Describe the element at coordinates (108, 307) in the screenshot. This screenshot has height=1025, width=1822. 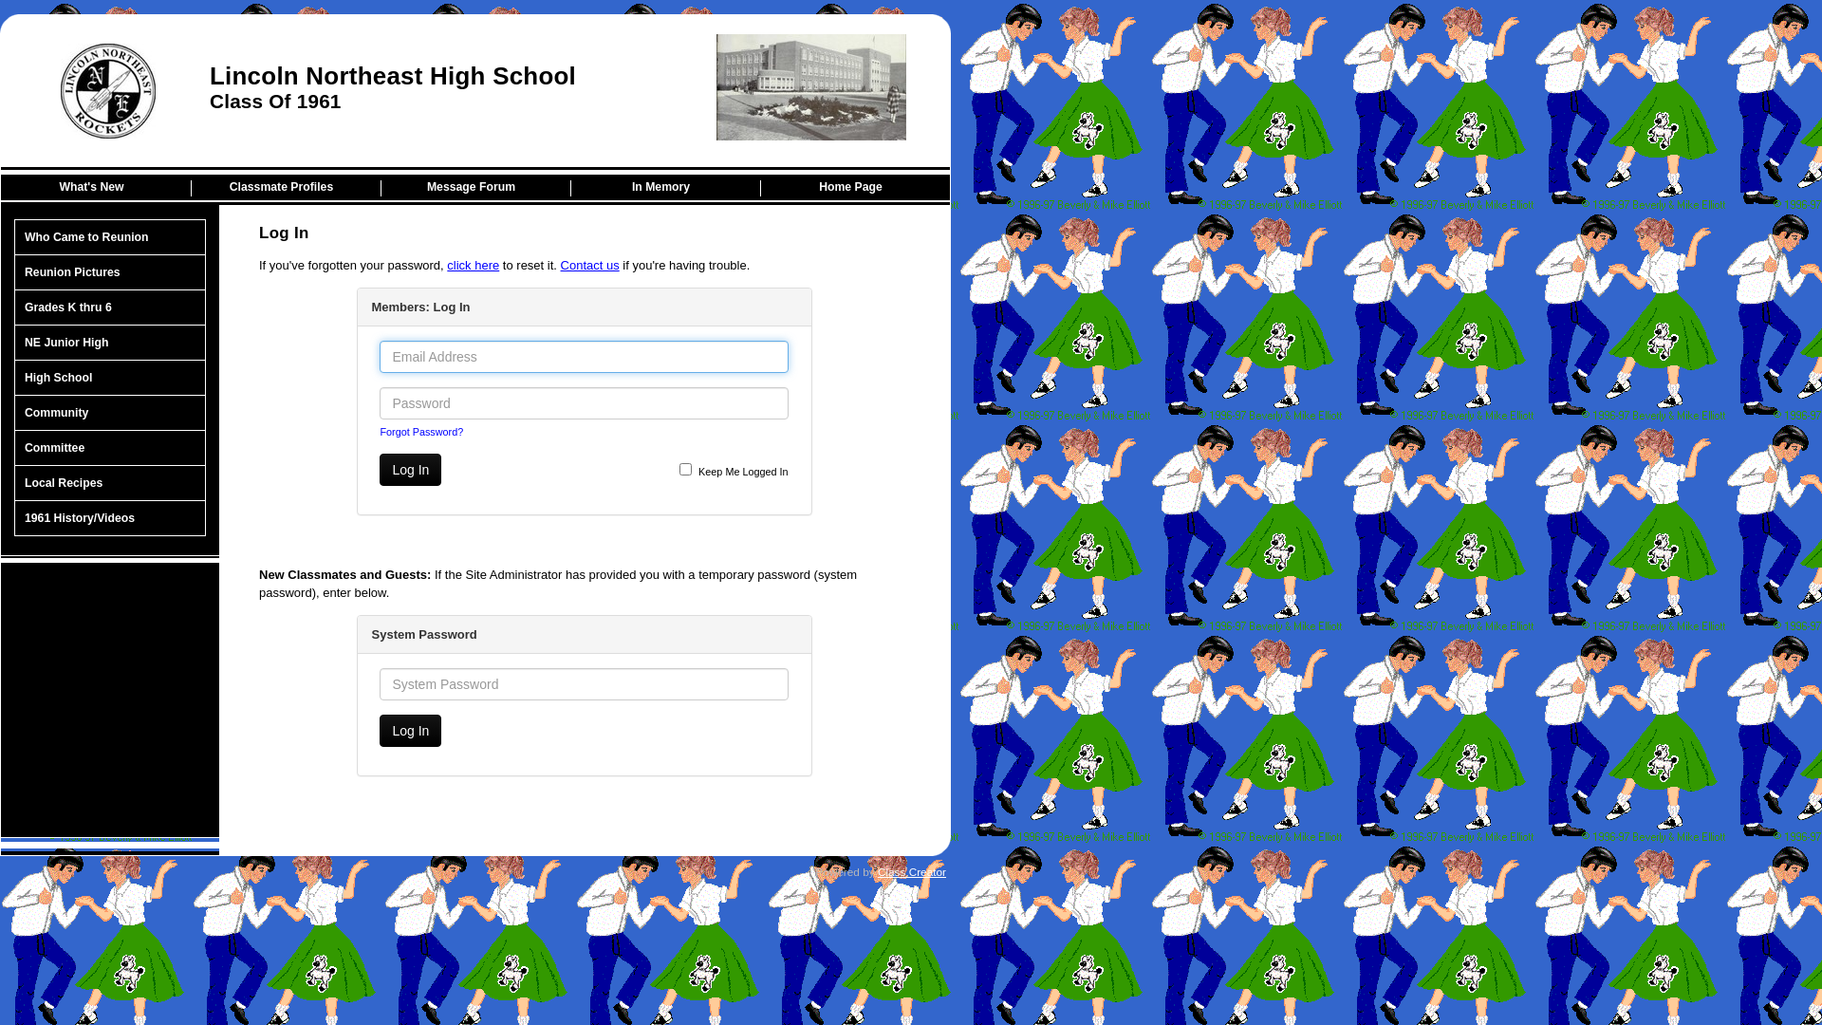
I see `'Grades K thru 6'` at that location.